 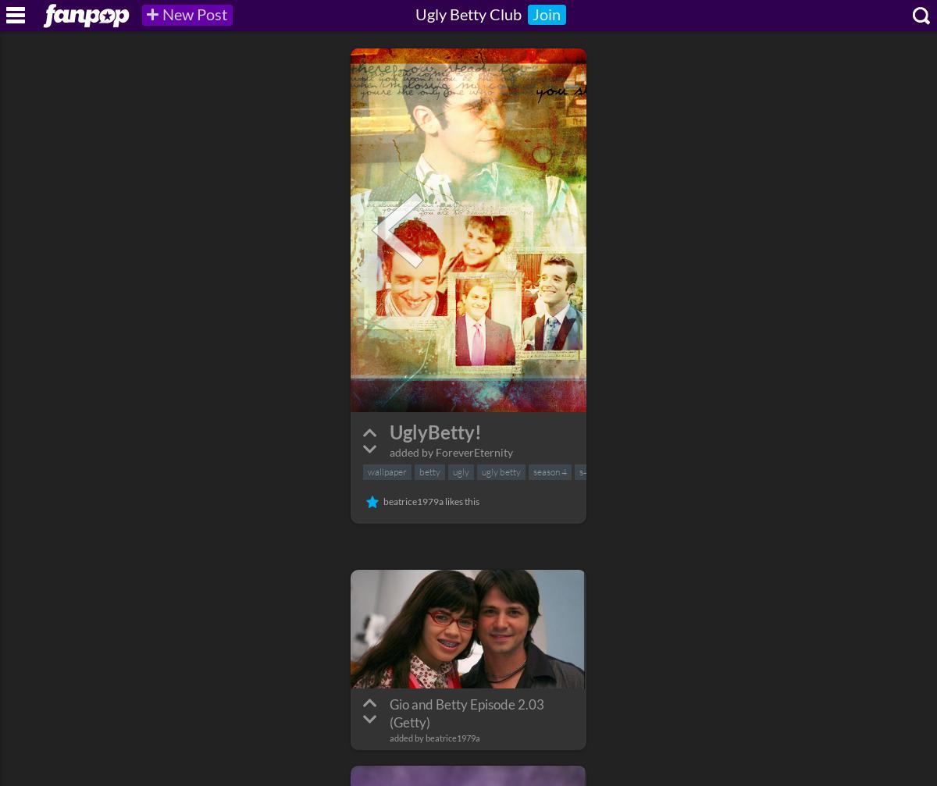 I want to click on 's4', so click(x=583, y=471).